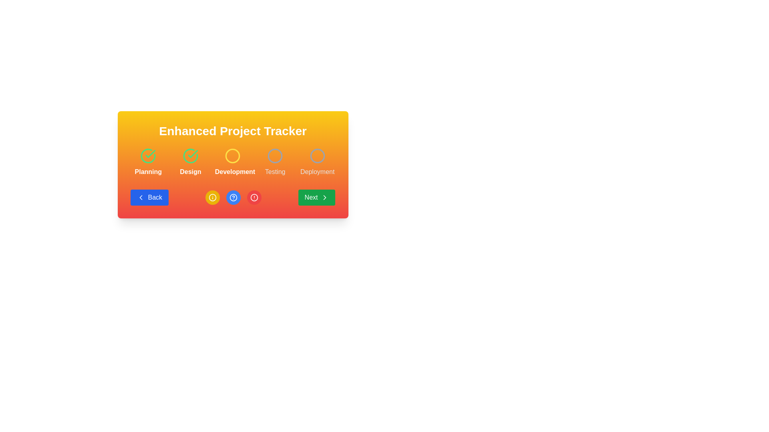 This screenshot has width=769, height=432. Describe the element at coordinates (232, 162) in the screenshot. I see `the central 'Development' stage of the Progress Indicator with Steps` at that location.